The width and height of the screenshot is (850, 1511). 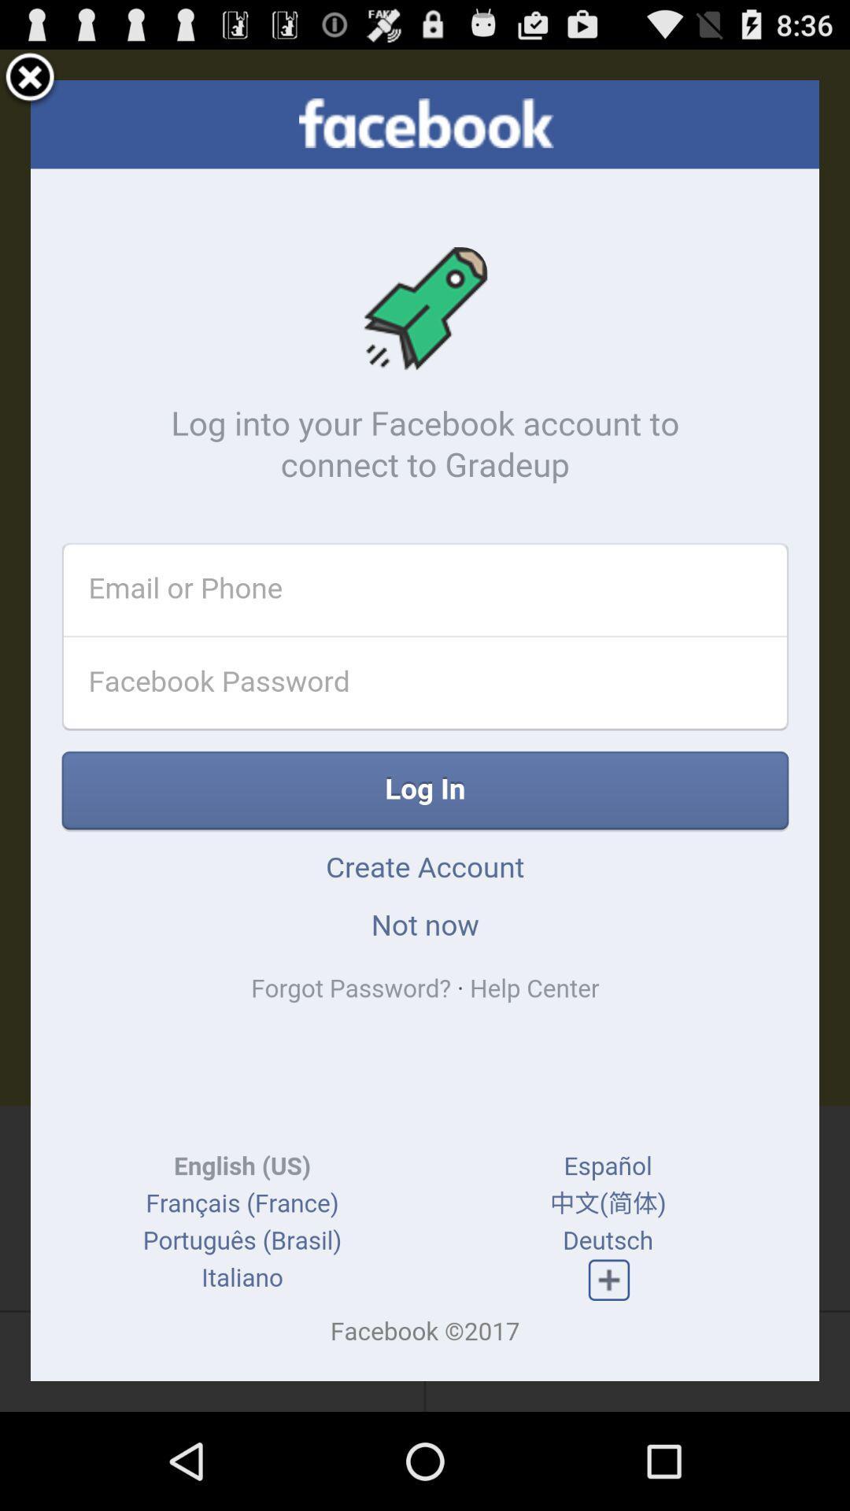 I want to click on app, so click(x=30, y=79).